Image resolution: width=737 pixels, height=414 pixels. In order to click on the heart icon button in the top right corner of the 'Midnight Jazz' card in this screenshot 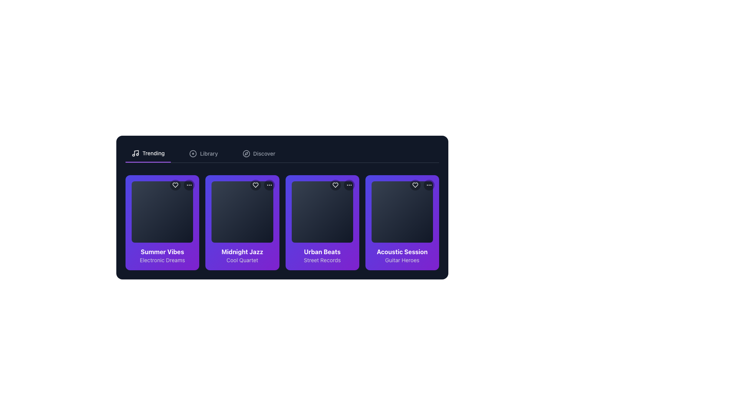, I will do `click(255, 185)`.